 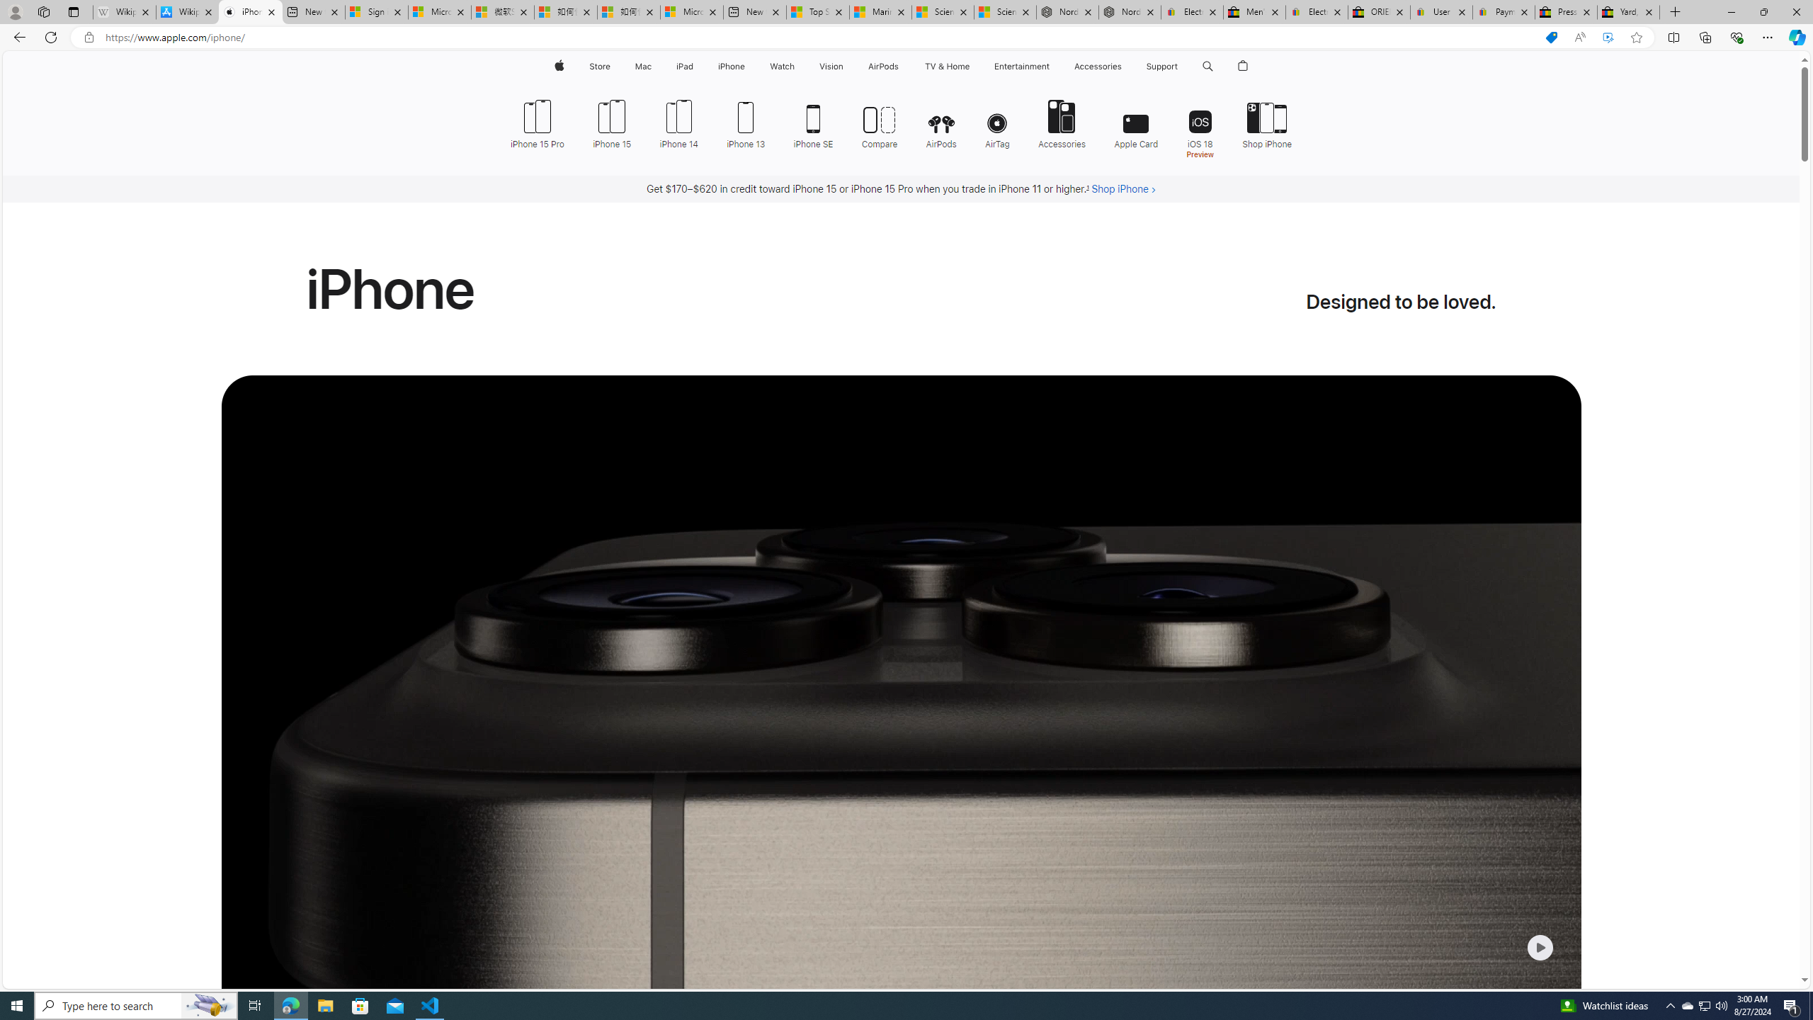 What do you see at coordinates (1441, 11) in the screenshot?
I see `'User Privacy Notice | eBay'` at bounding box center [1441, 11].